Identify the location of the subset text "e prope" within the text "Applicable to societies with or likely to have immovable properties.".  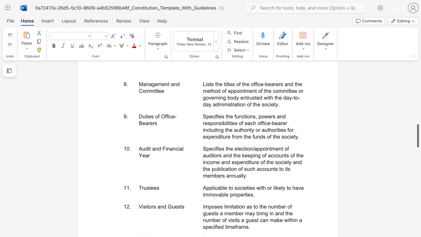
(225, 194).